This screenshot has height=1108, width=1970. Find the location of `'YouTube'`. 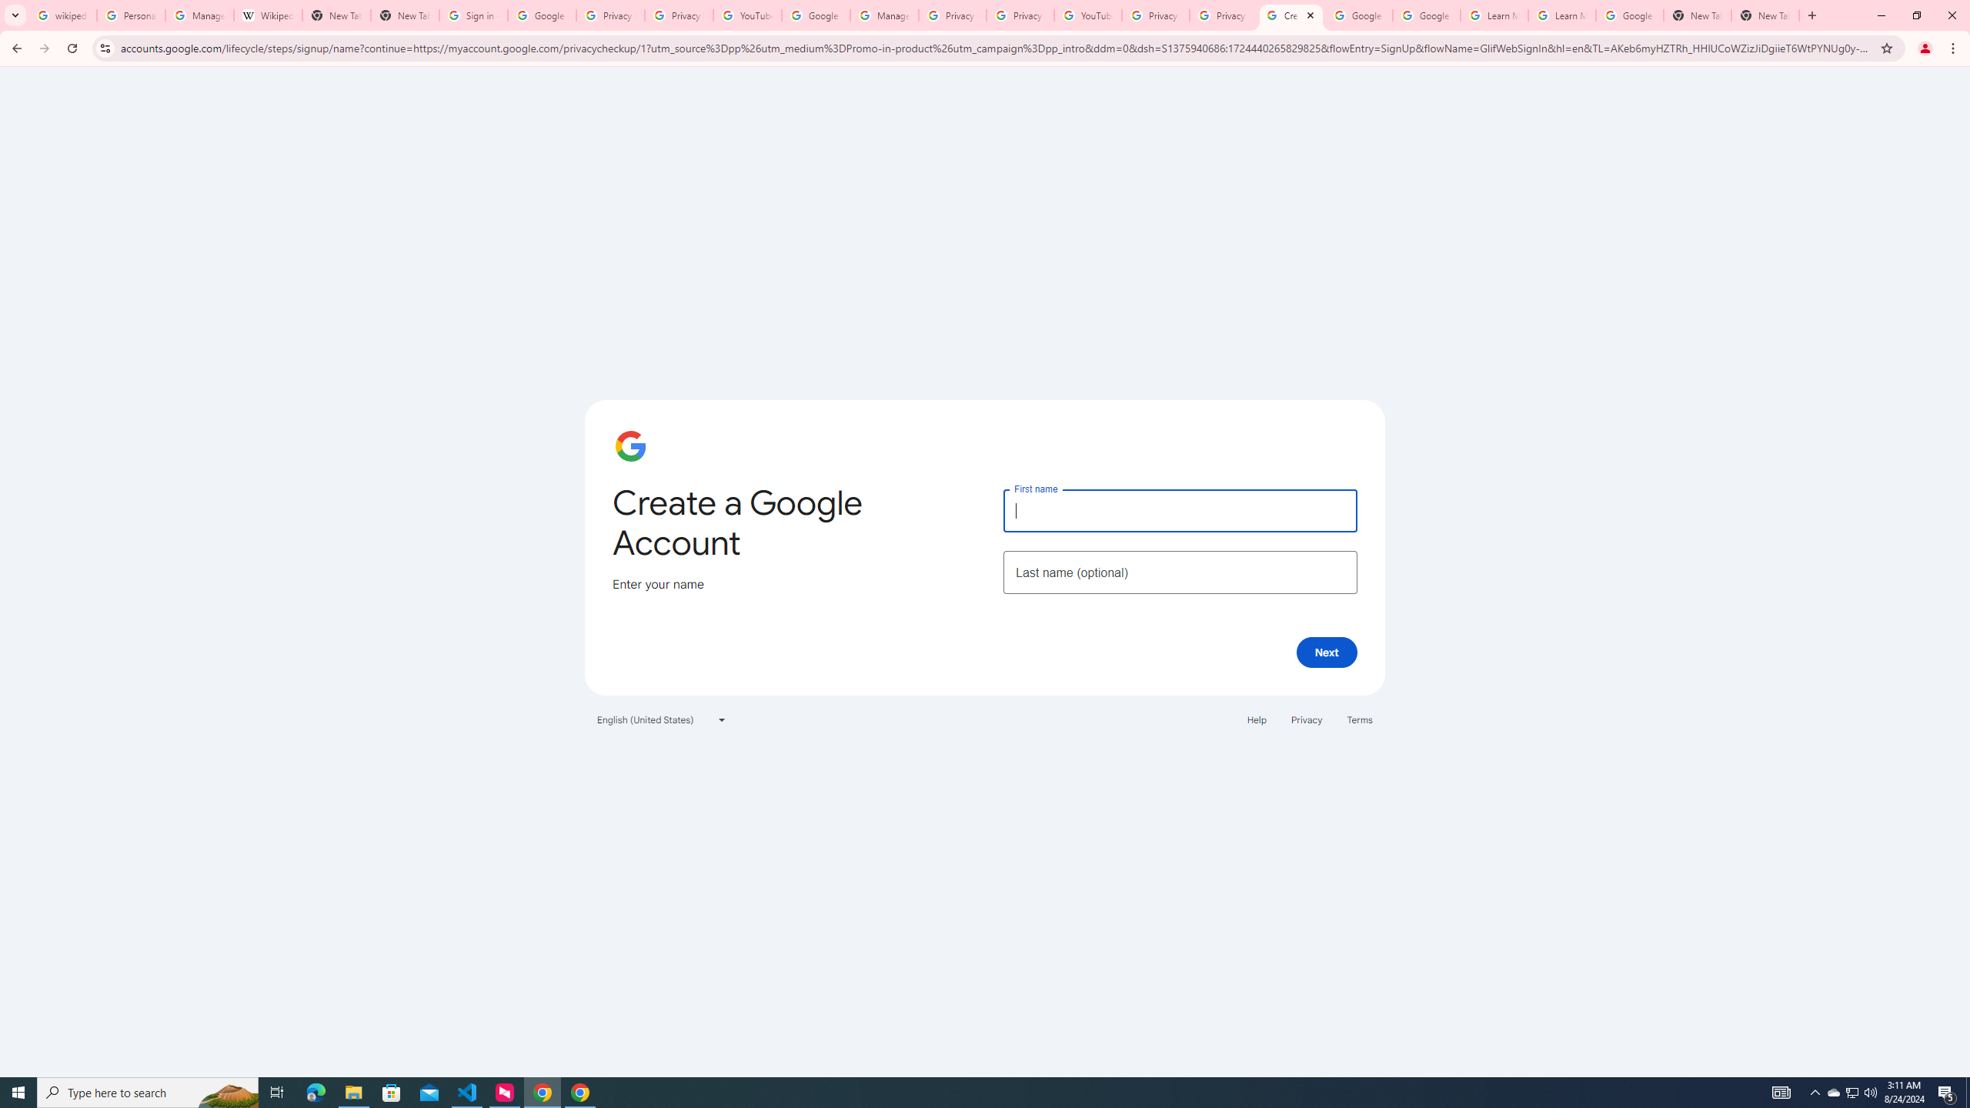

'YouTube' is located at coordinates (746, 15).